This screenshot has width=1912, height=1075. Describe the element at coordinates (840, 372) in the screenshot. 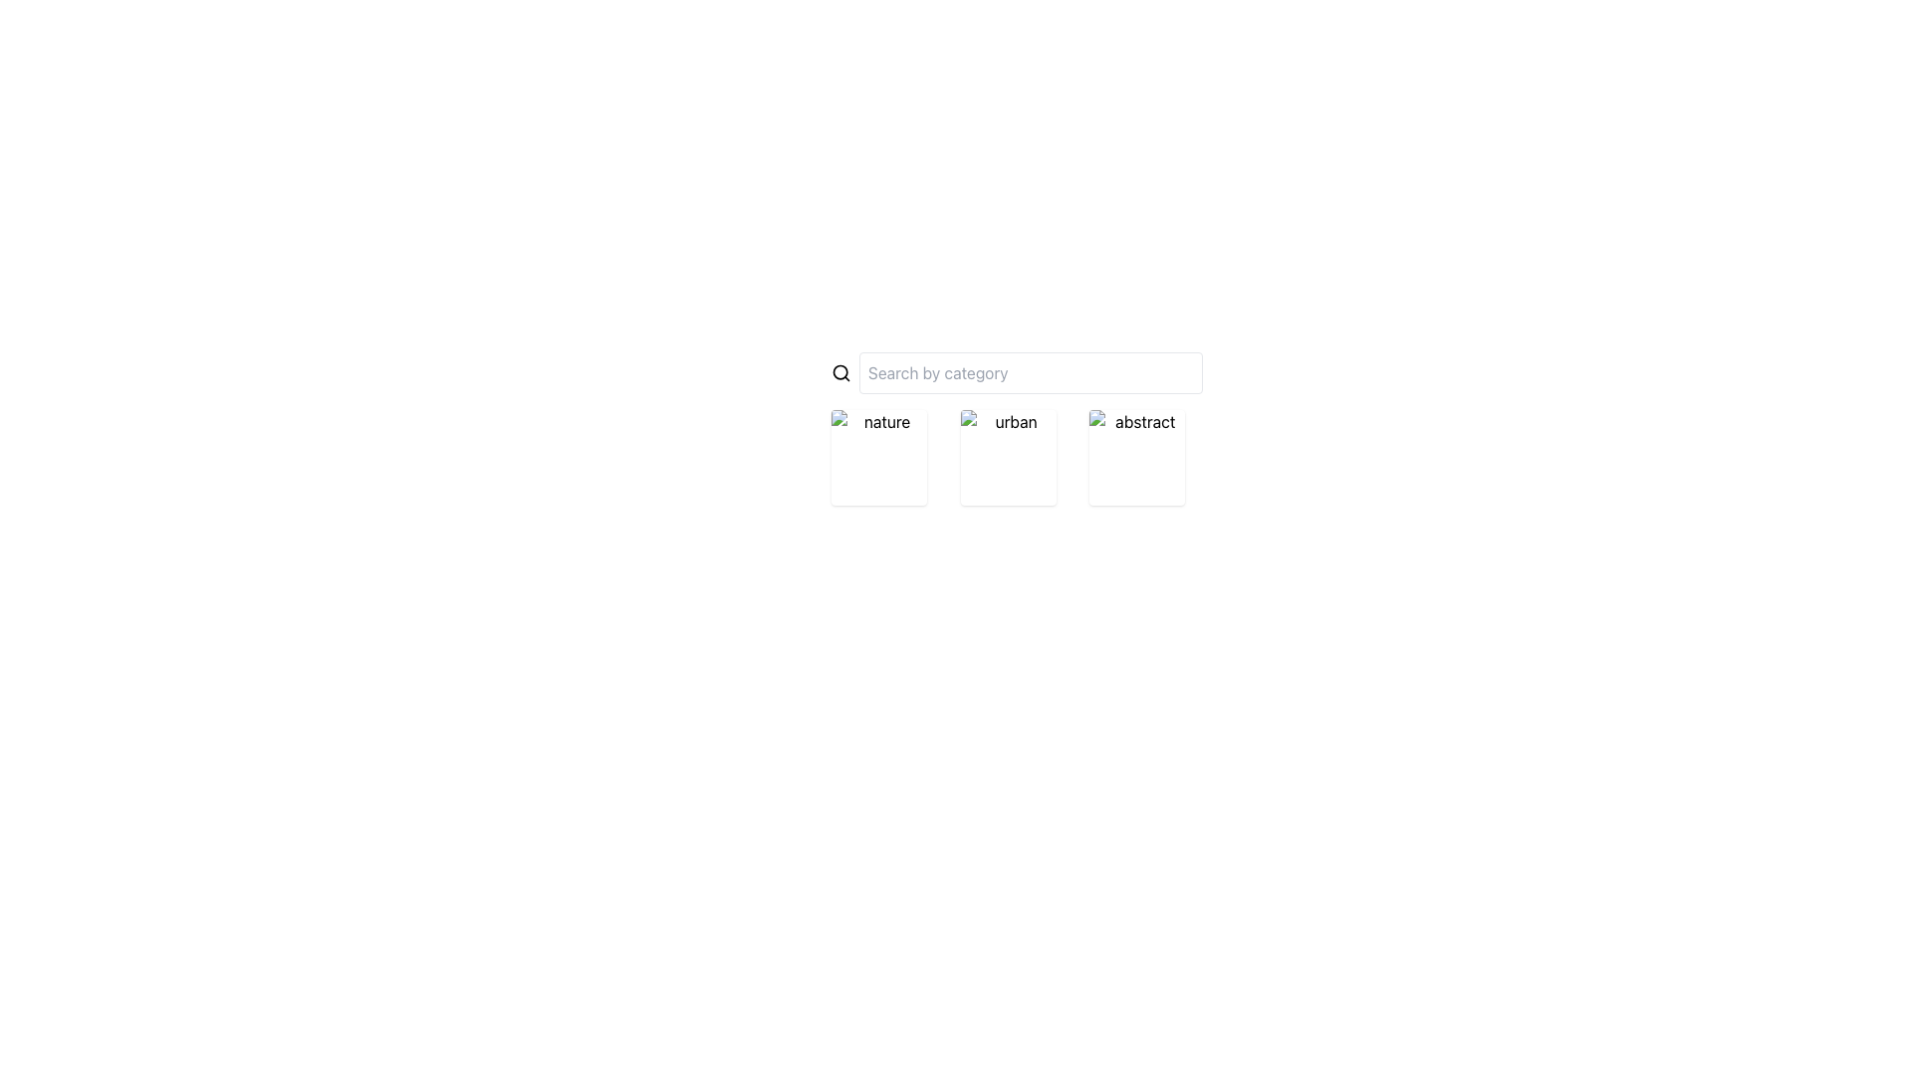

I see `the inner circle of the search icon, which indicates the search functionality next to the 'Search by category' input field` at that location.